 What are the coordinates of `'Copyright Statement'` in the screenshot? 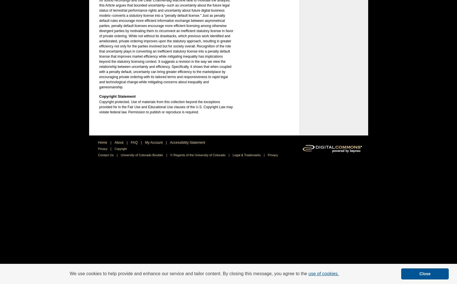 It's located at (117, 96).